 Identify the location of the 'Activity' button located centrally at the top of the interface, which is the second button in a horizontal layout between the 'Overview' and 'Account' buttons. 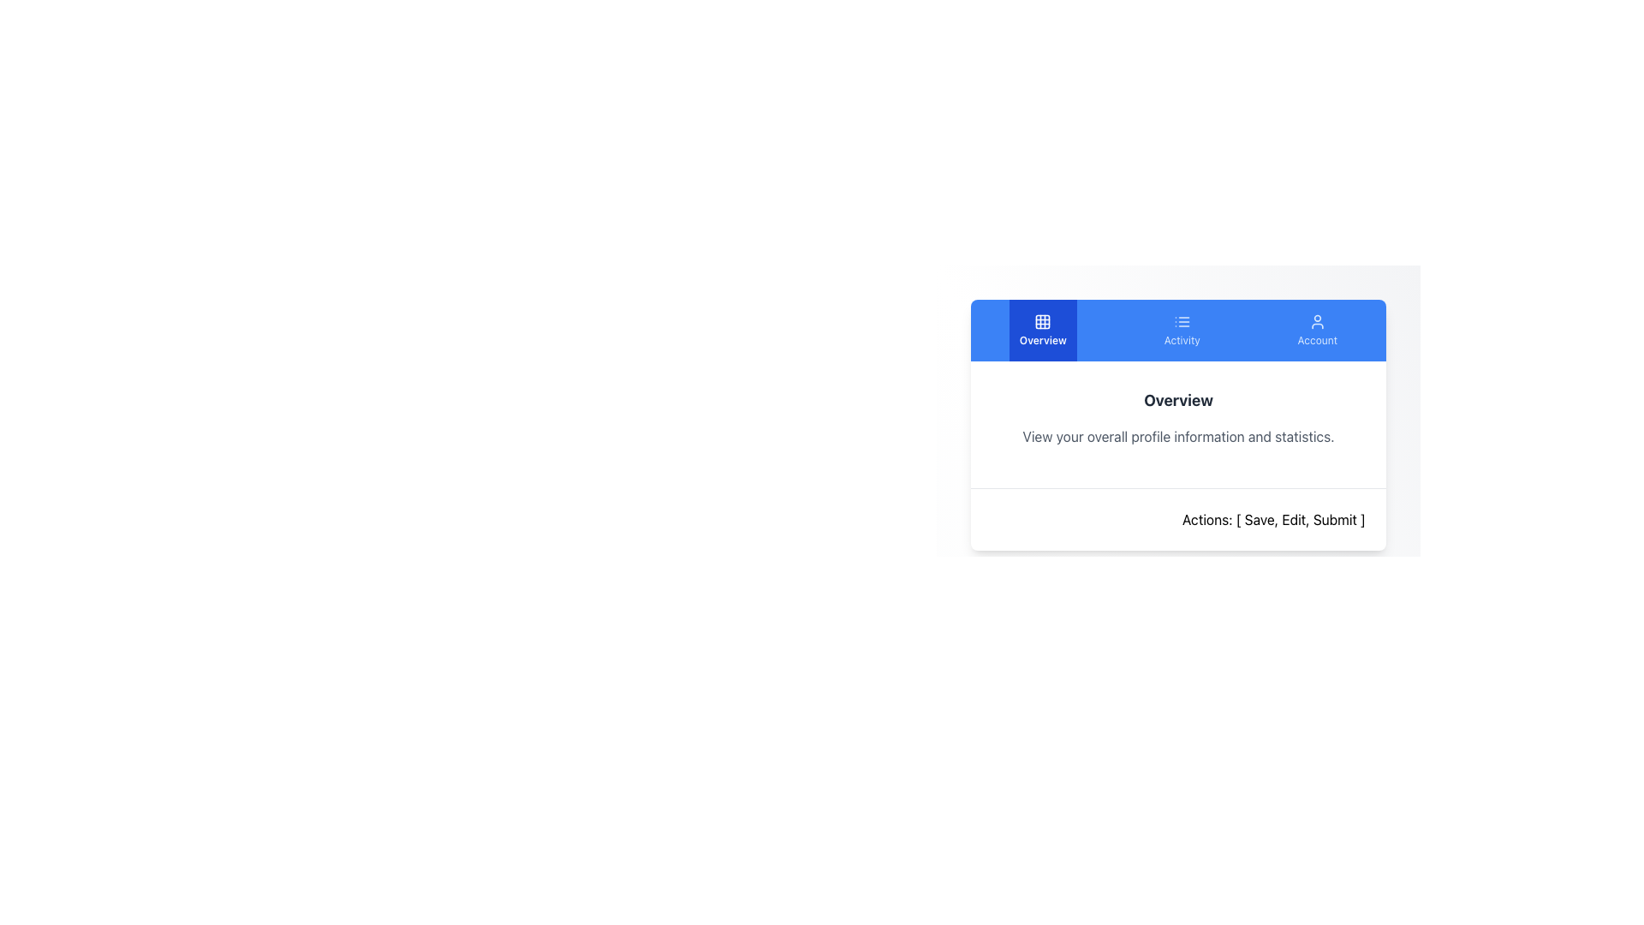
(1181, 330).